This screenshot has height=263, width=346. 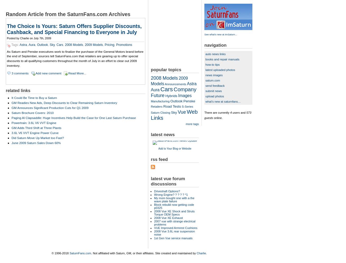 What do you see at coordinates (37, 137) in the screenshot?
I see `'Did Saturn Move Up Market too Fast?'` at bounding box center [37, 137].